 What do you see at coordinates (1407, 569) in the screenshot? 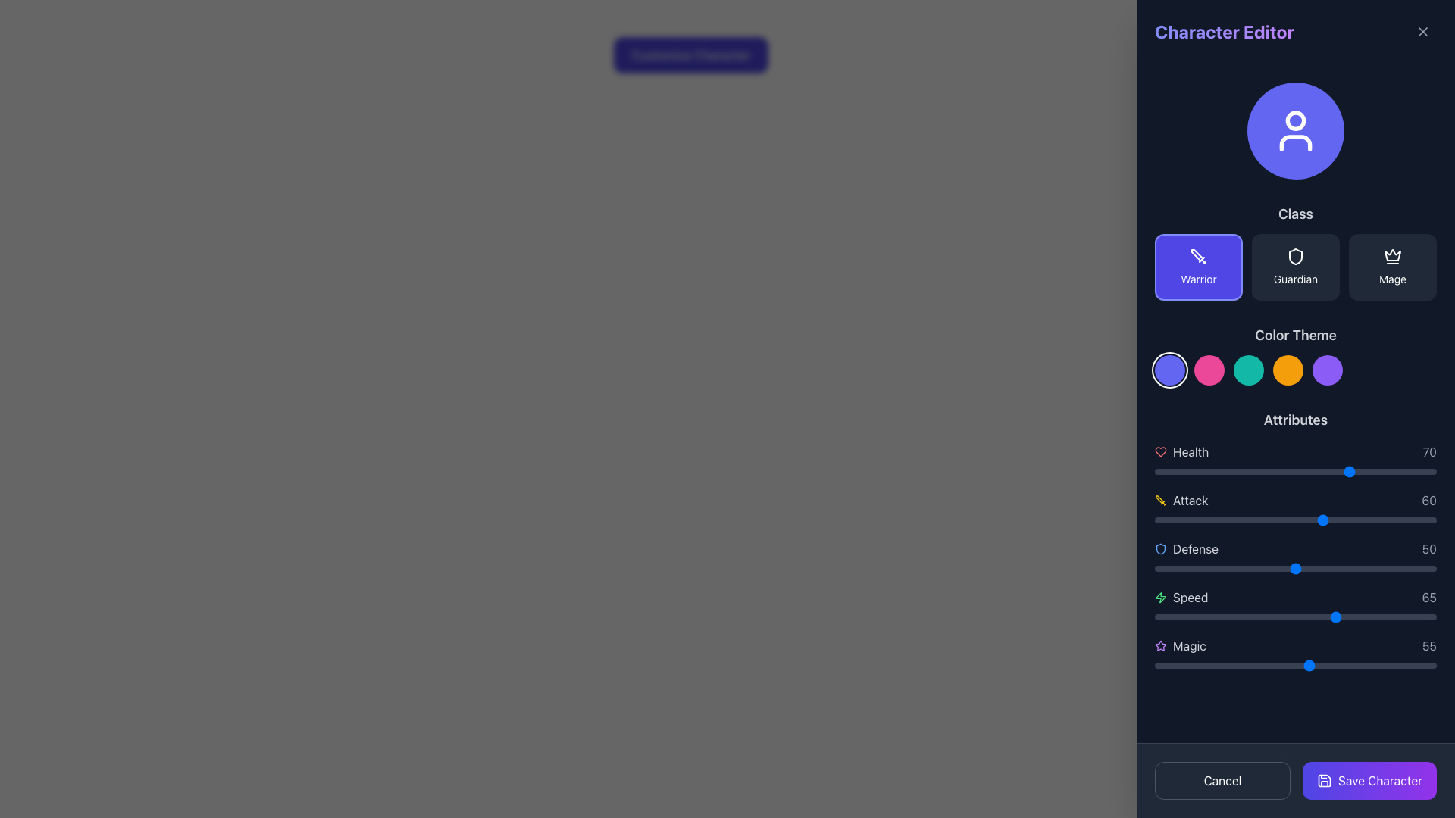
I see `the defense attribute` at bounding box center [1407, 569].